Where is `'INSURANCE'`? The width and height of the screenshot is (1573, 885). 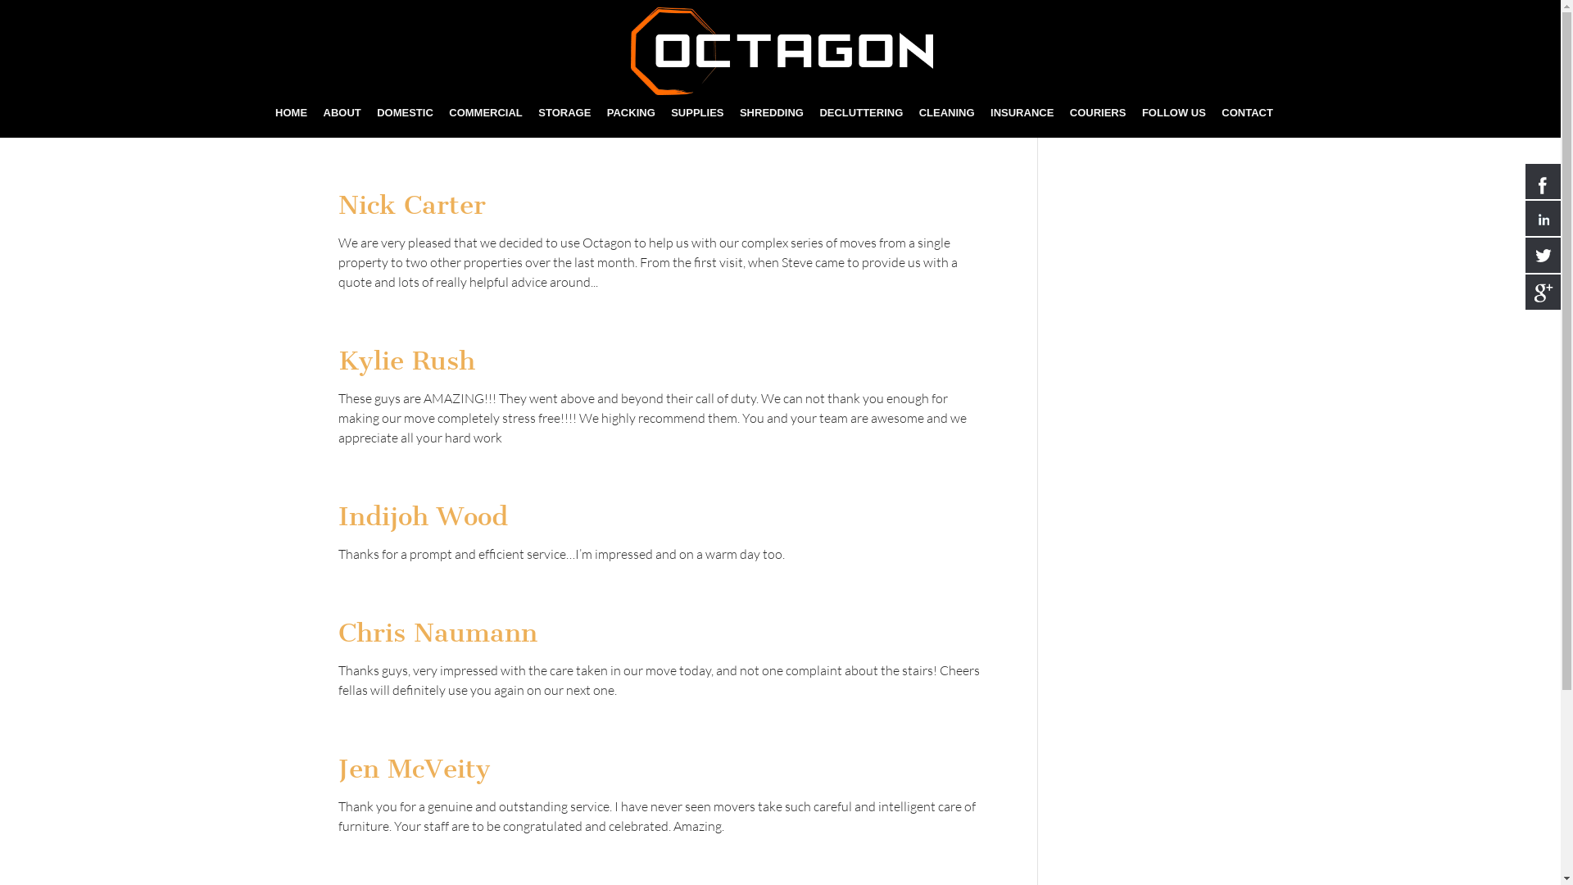 'INSURANCE' is located at coordinates (1021, 121).